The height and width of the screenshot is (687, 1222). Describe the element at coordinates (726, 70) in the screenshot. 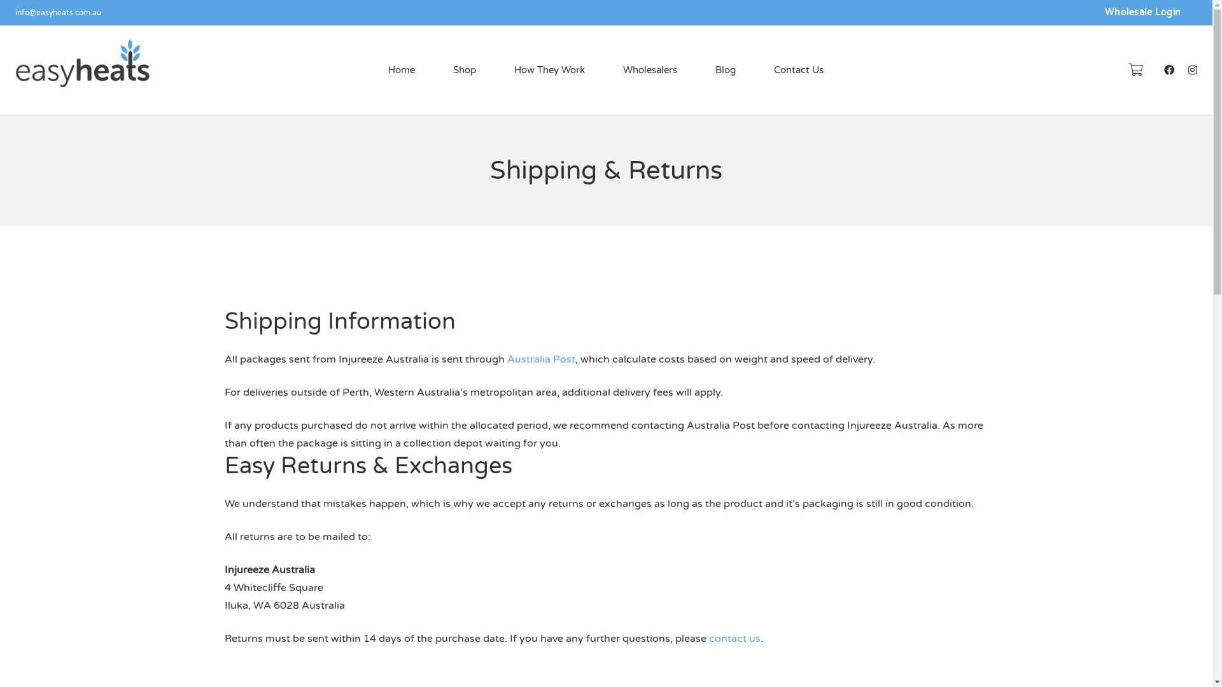

I see `'Blog'` at that location.